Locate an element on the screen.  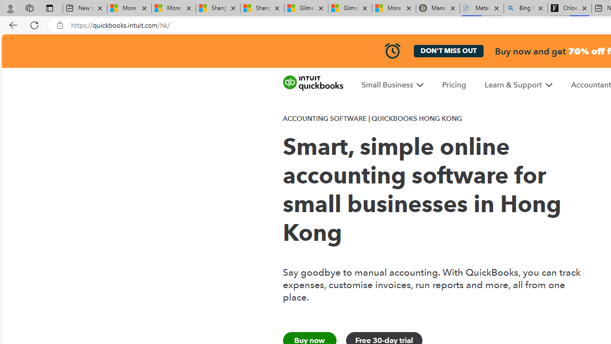
'Class: MenuItem_dDown__f585abf6 MenuItem_white__f585abf6' is located at coordinates (549, 85).